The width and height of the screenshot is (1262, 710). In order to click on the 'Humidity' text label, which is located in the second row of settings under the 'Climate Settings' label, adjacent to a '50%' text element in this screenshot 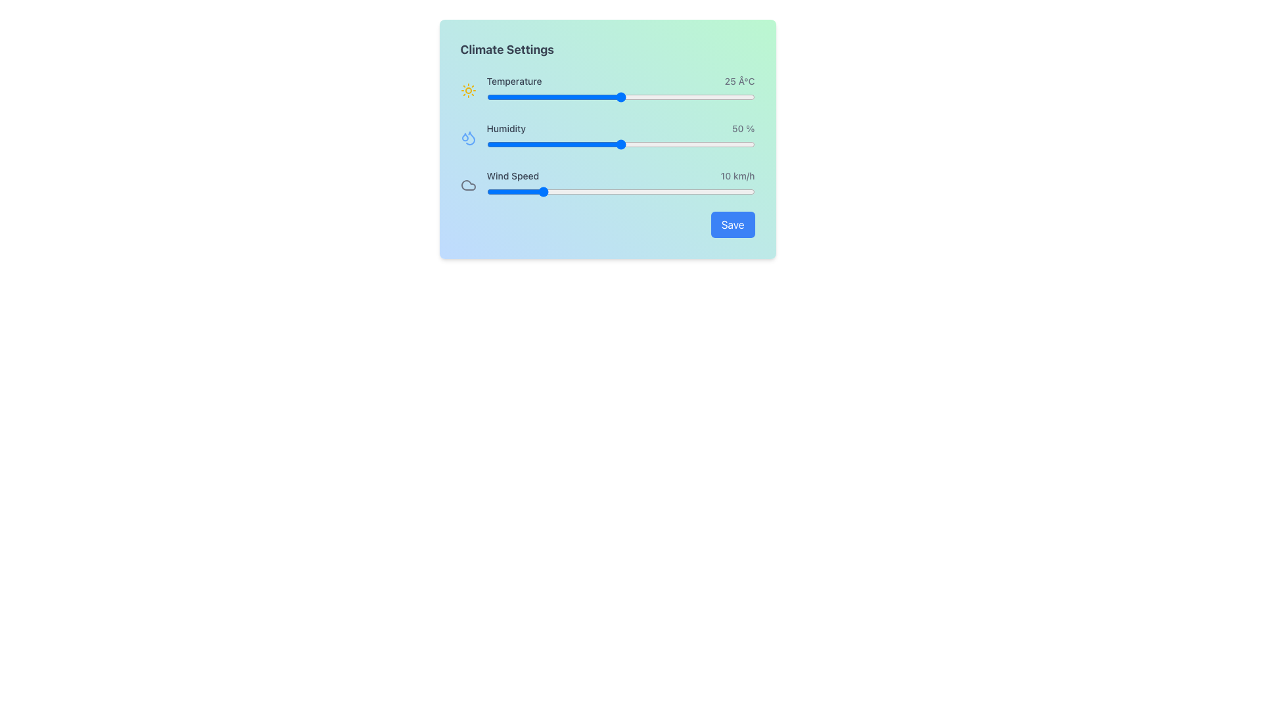, I will do `click(505, 129)`.